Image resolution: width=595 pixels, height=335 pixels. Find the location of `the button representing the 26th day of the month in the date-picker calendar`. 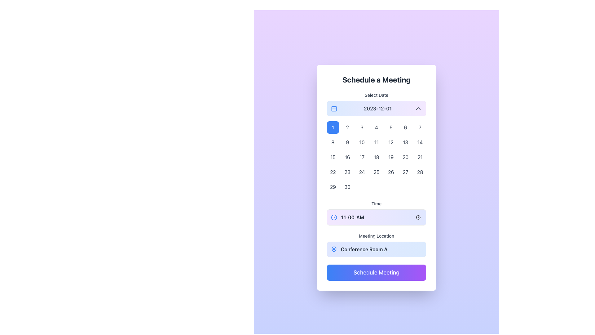

the button representing the 26th day of the month in the date-picker calendar is located at coordinates (390, 172).